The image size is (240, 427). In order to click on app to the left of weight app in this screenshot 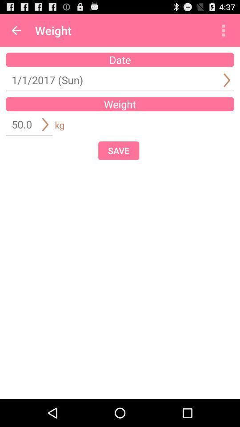, I will do `click(16, 30)`.